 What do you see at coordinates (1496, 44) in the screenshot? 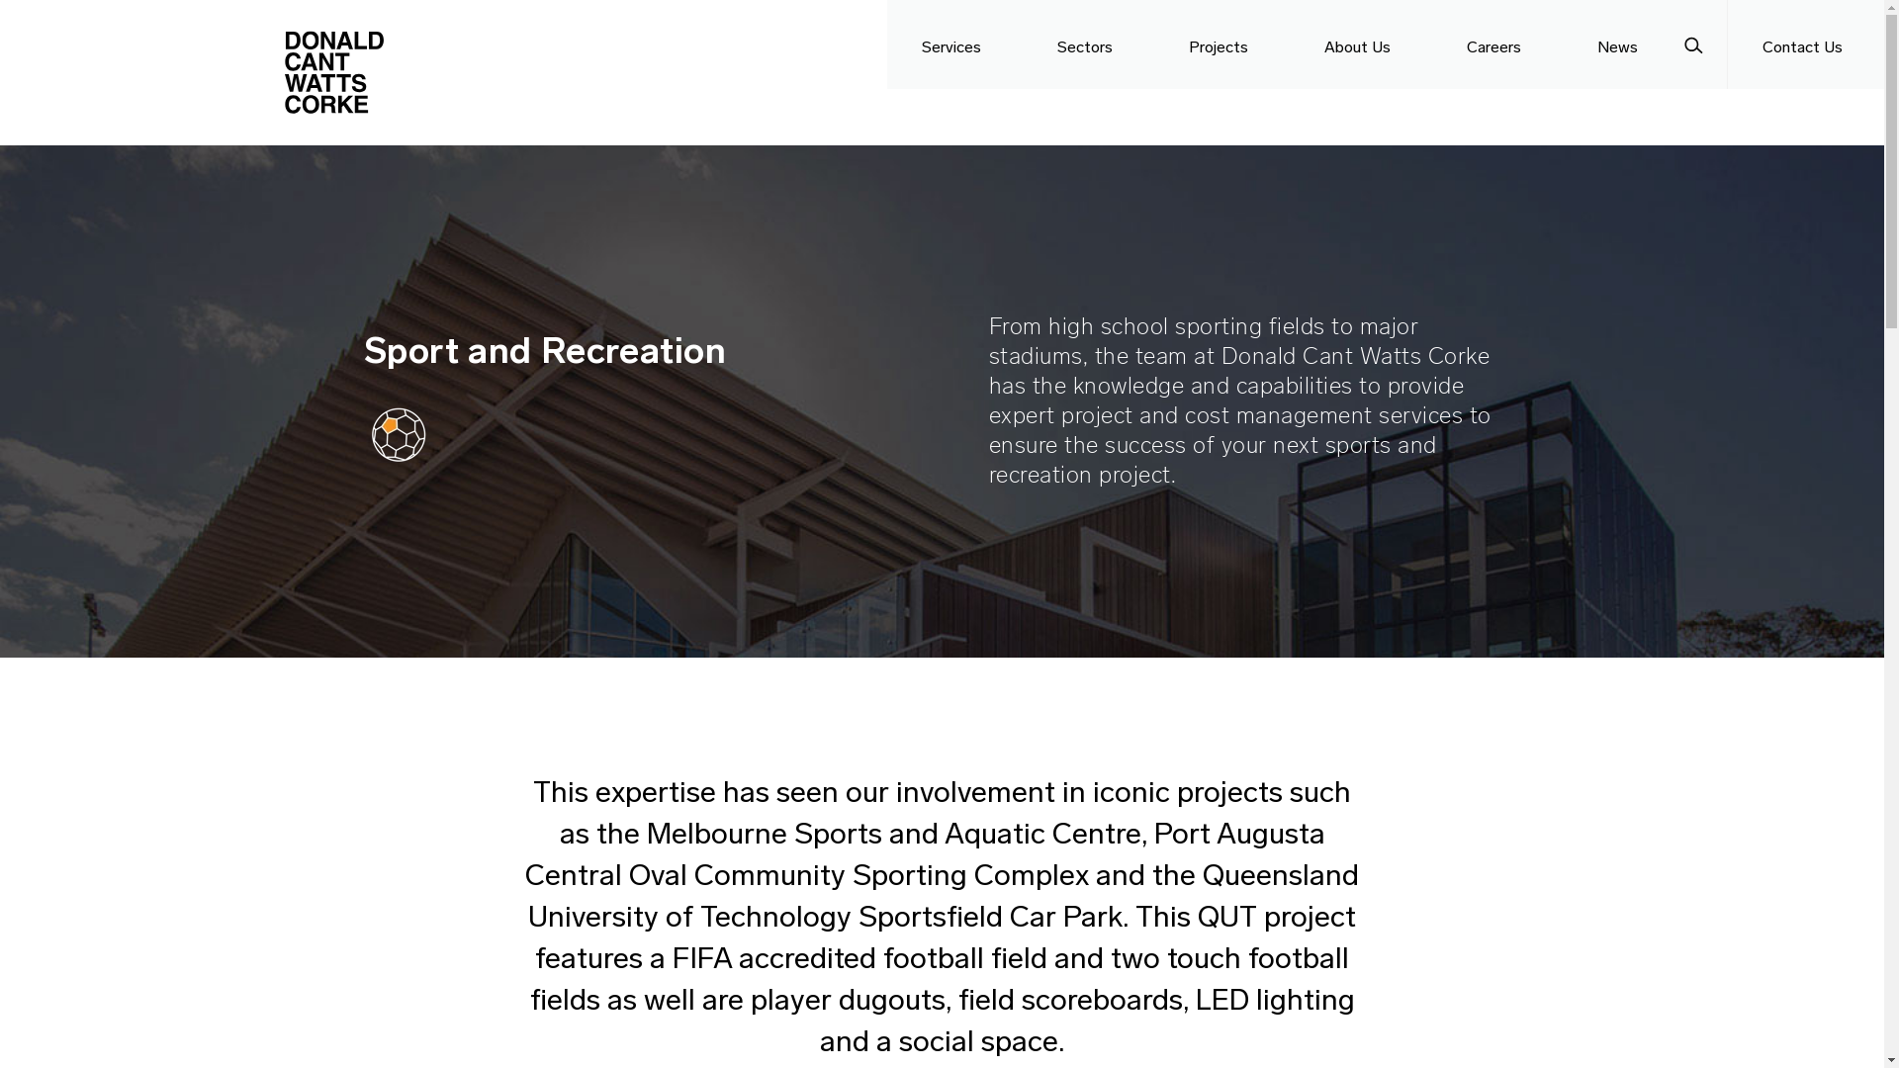
I see `'Careers'` at bounding box center [1496, 44].